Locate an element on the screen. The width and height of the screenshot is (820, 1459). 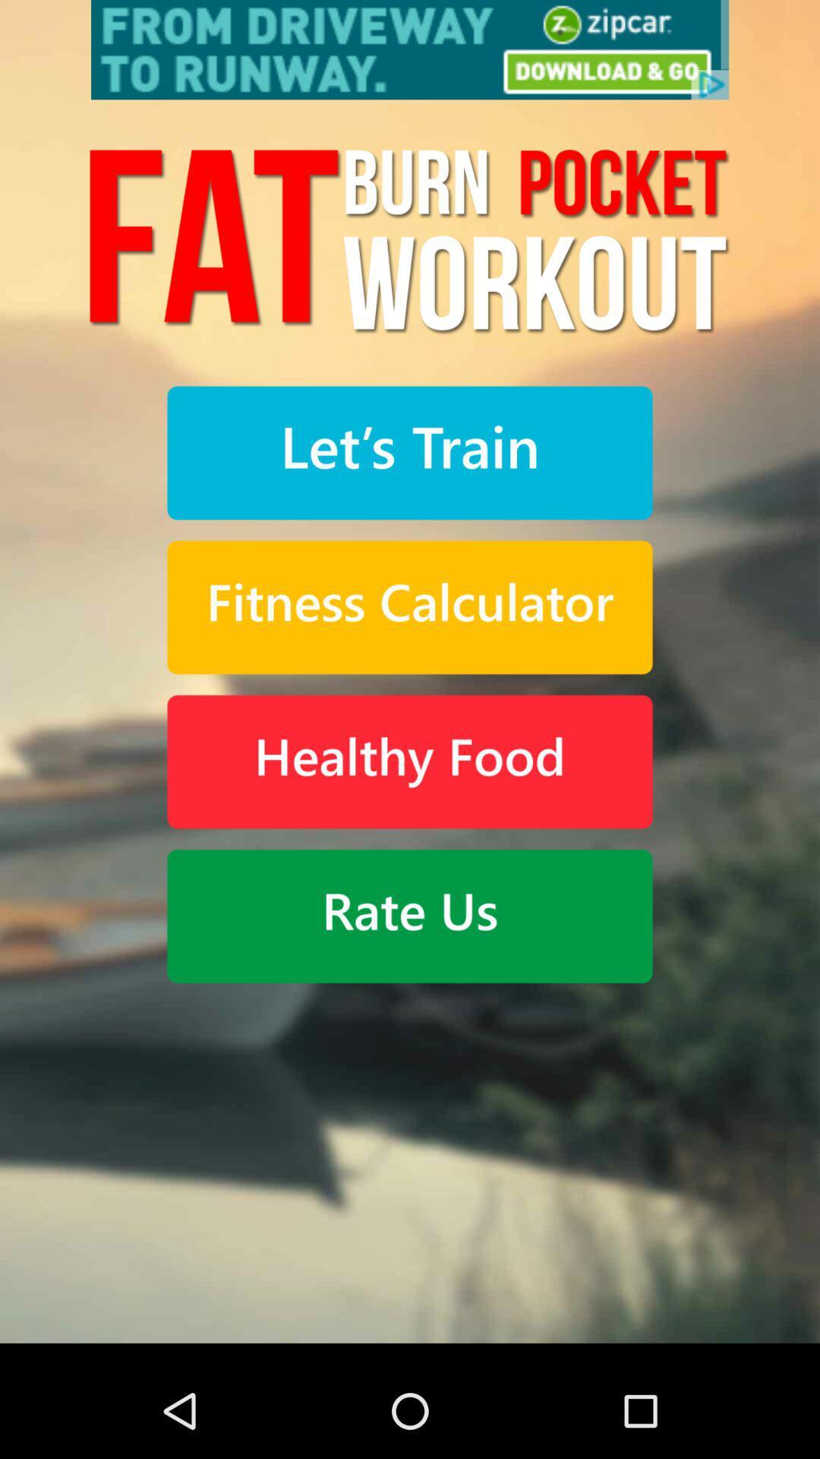
calculator is located at coordinates (410, 606).